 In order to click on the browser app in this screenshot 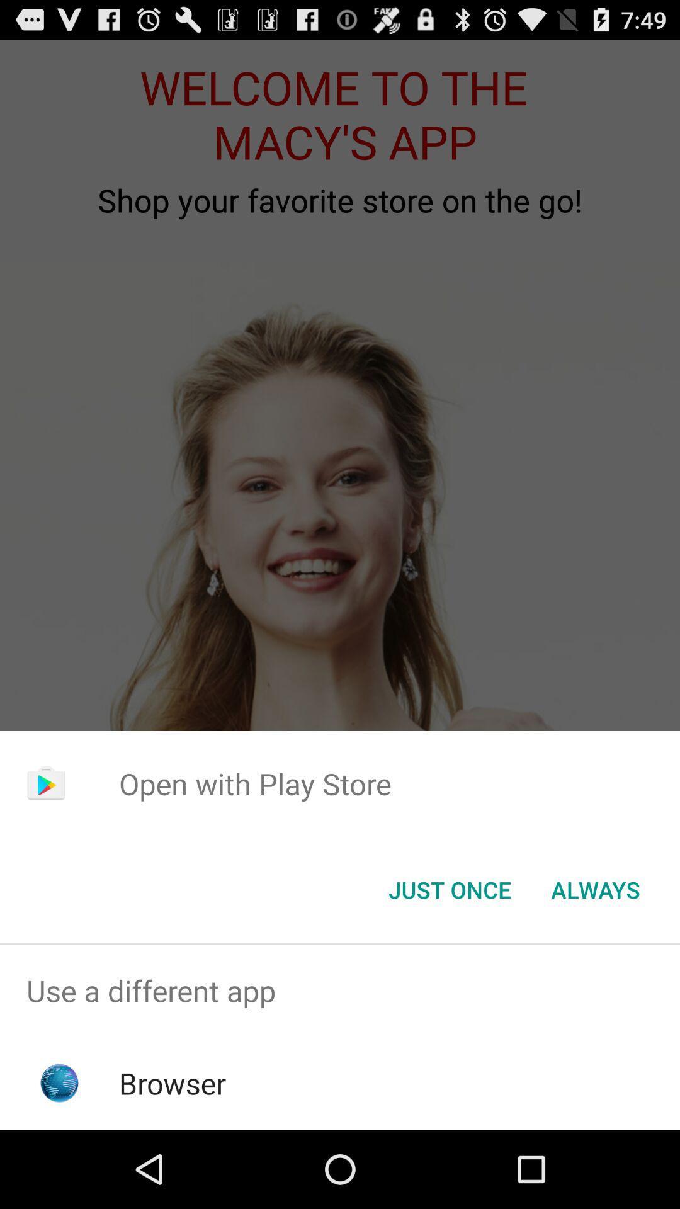, I will do `click(173, 1082)`.